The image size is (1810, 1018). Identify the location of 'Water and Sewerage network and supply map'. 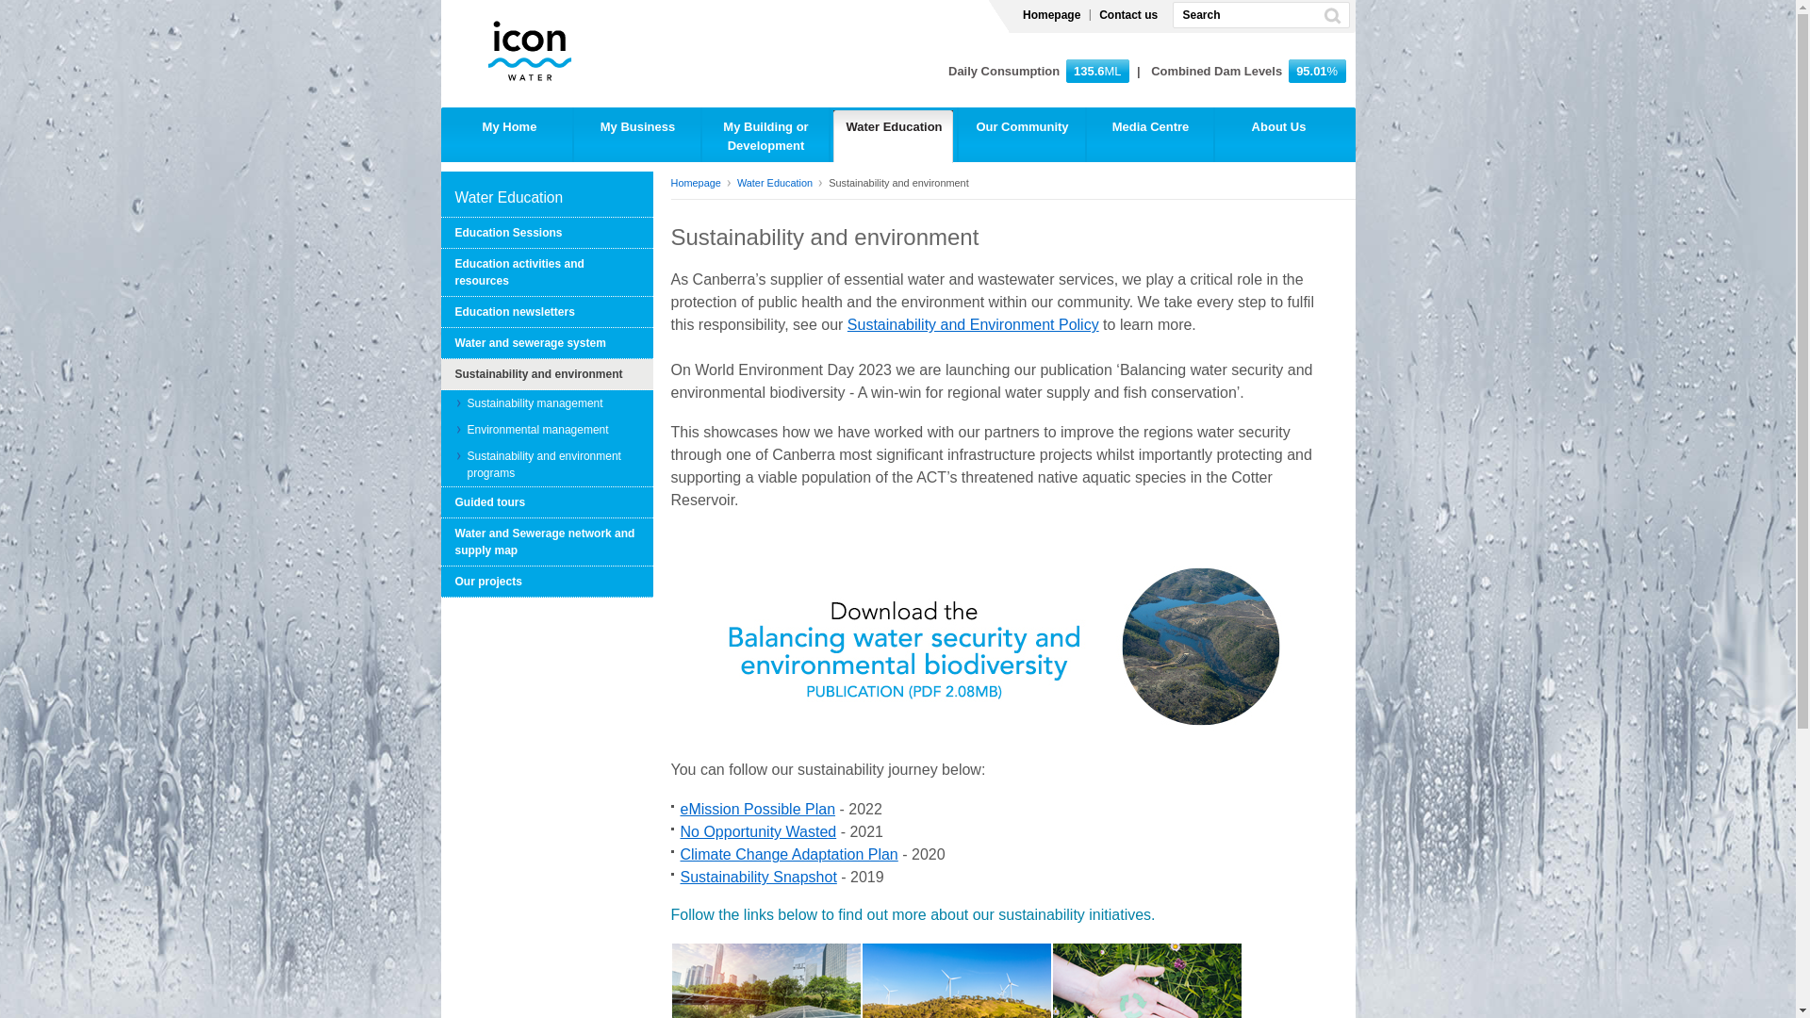
(439, 542).